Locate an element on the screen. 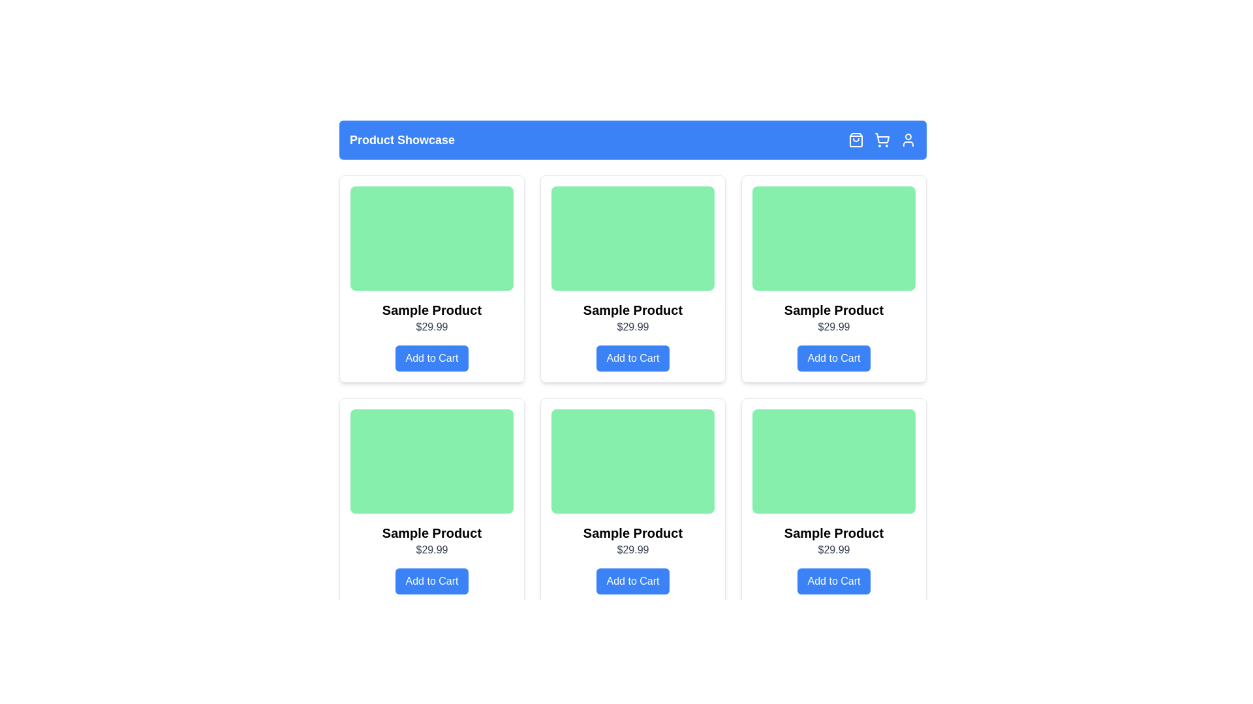  the green image box or visual placeholder located at the top of the card labeled 'Sample Product' priced at '$29.99', which is situated in the second row and first column of the grid layout is located at coordinates (432, 461).